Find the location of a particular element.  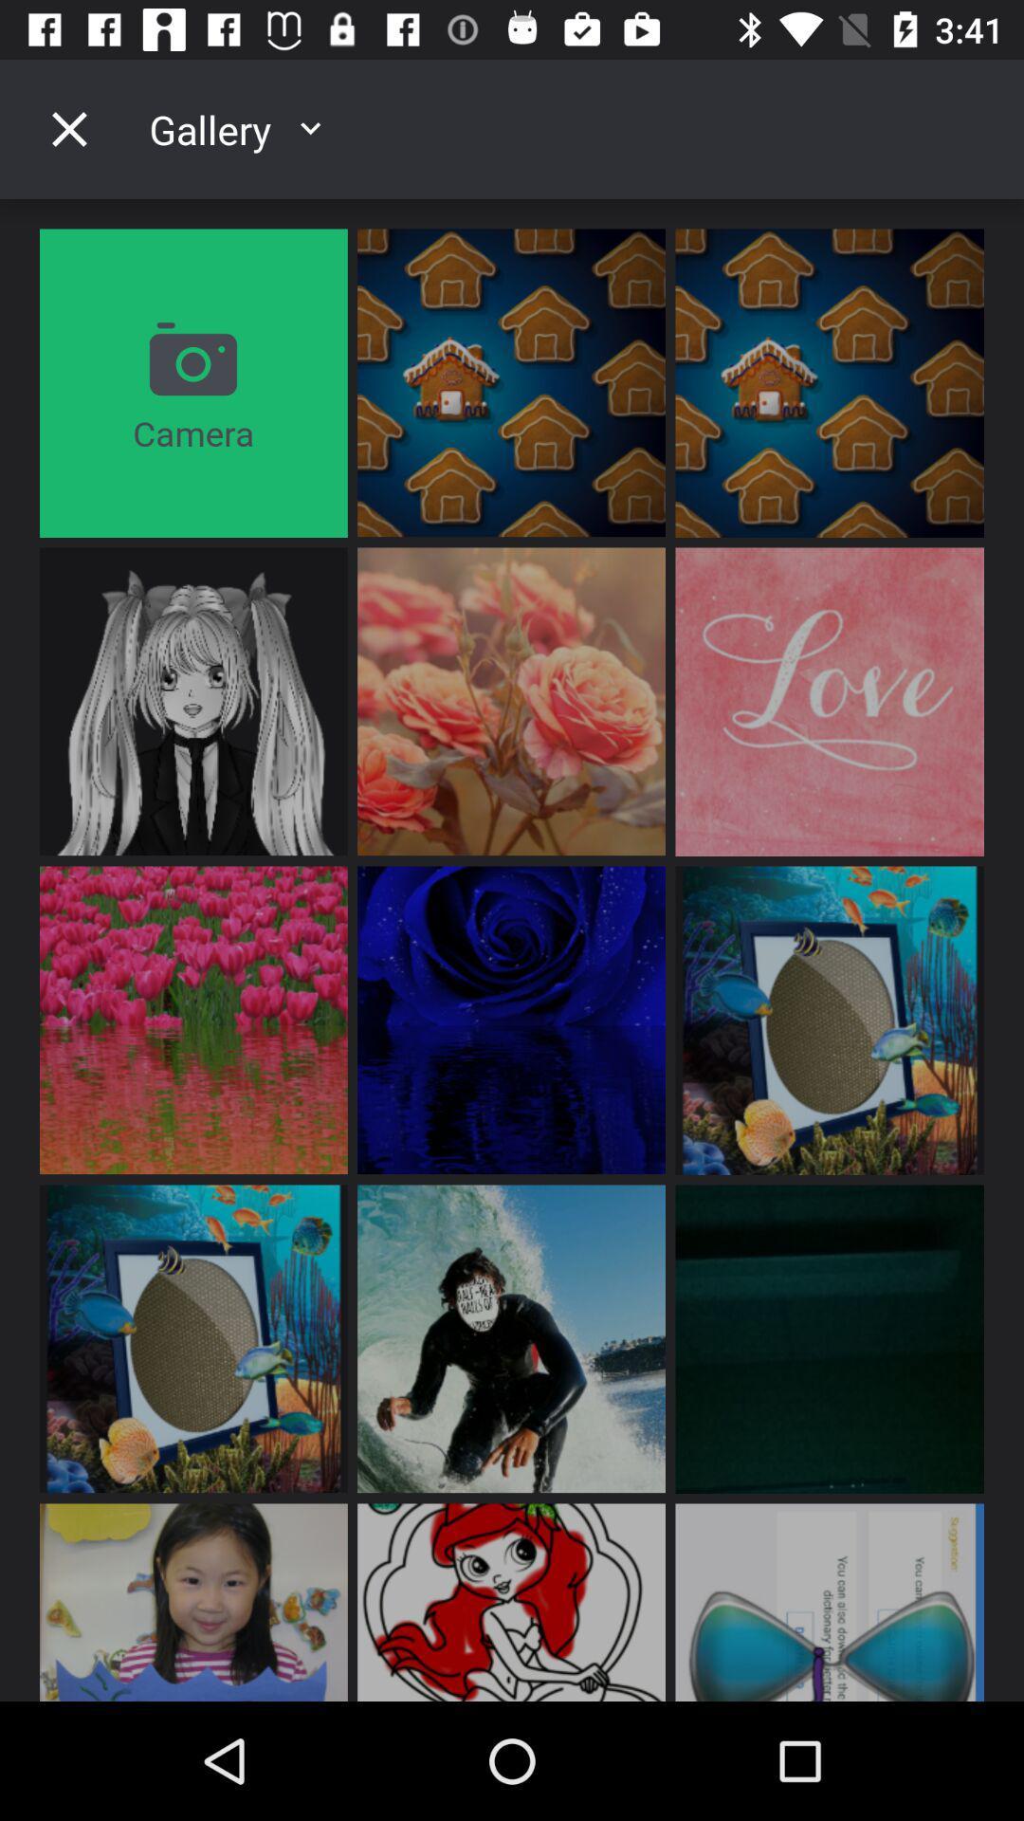

the close icon is located at coordinates (68, 128).